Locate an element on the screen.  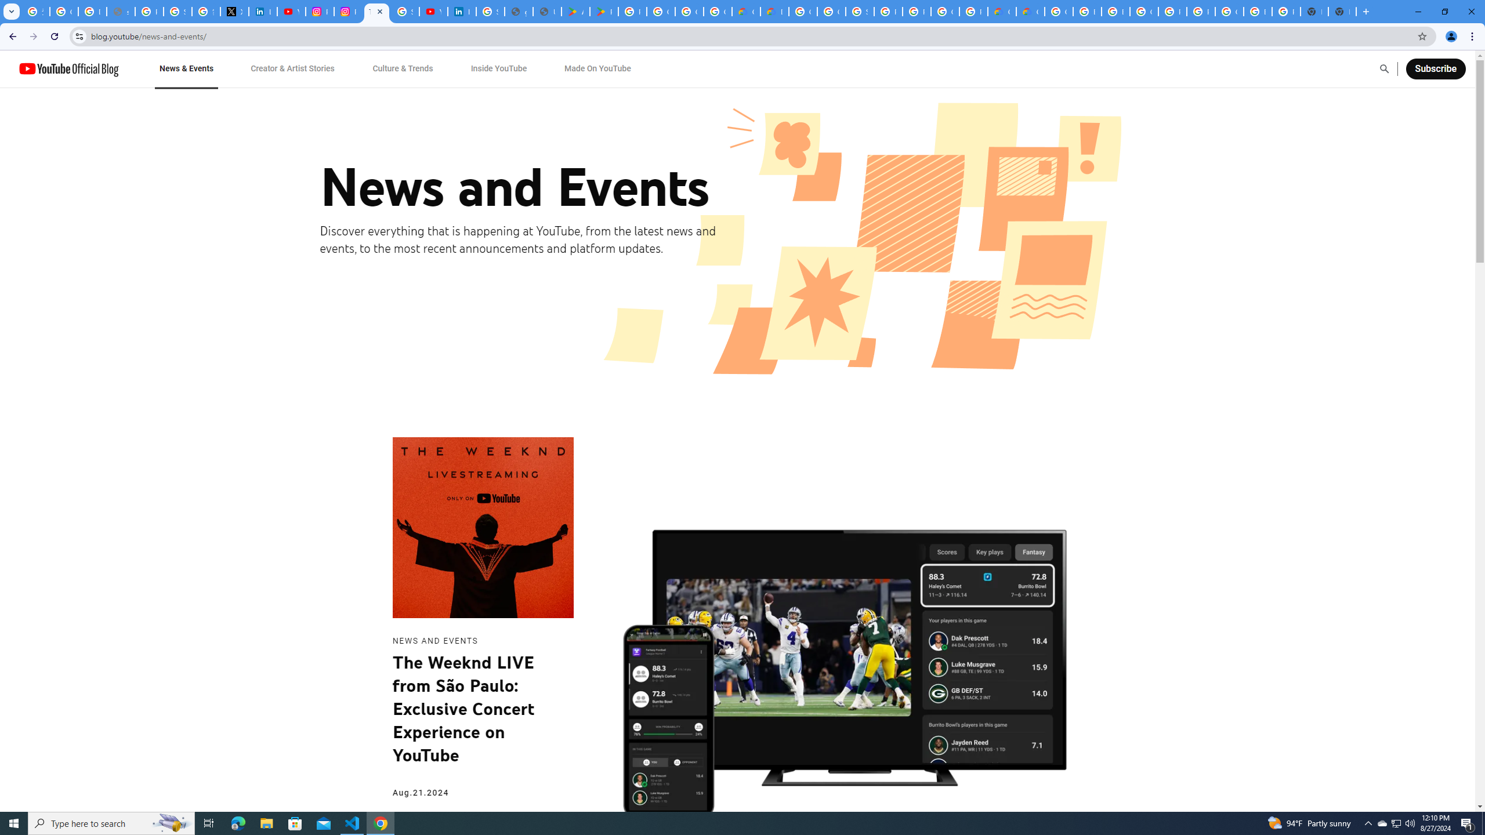
'Subscribe' is located at coordinates (1435, 68).